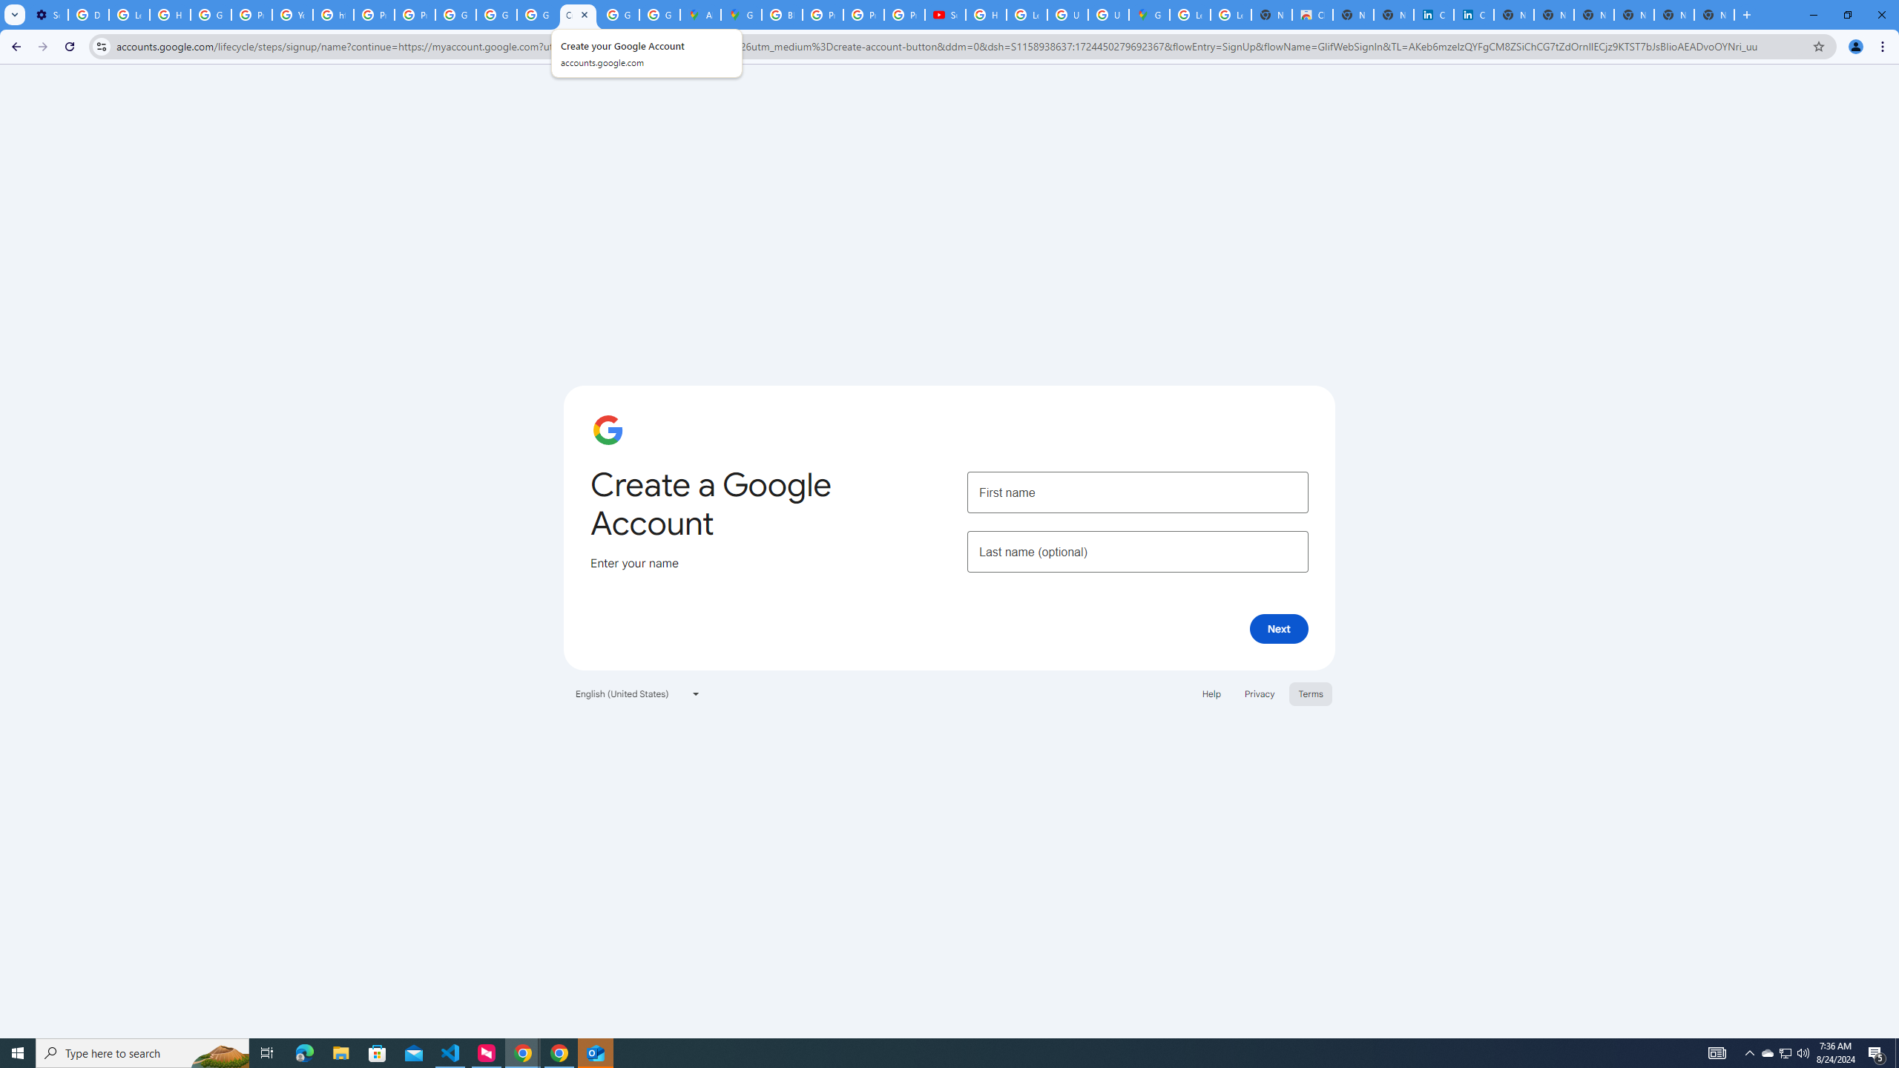 Image resolution: width=1899 pixels, height=1068 pixels. I want to click on 'Cookie Policy | LinkedIn', so click(1472, 14).